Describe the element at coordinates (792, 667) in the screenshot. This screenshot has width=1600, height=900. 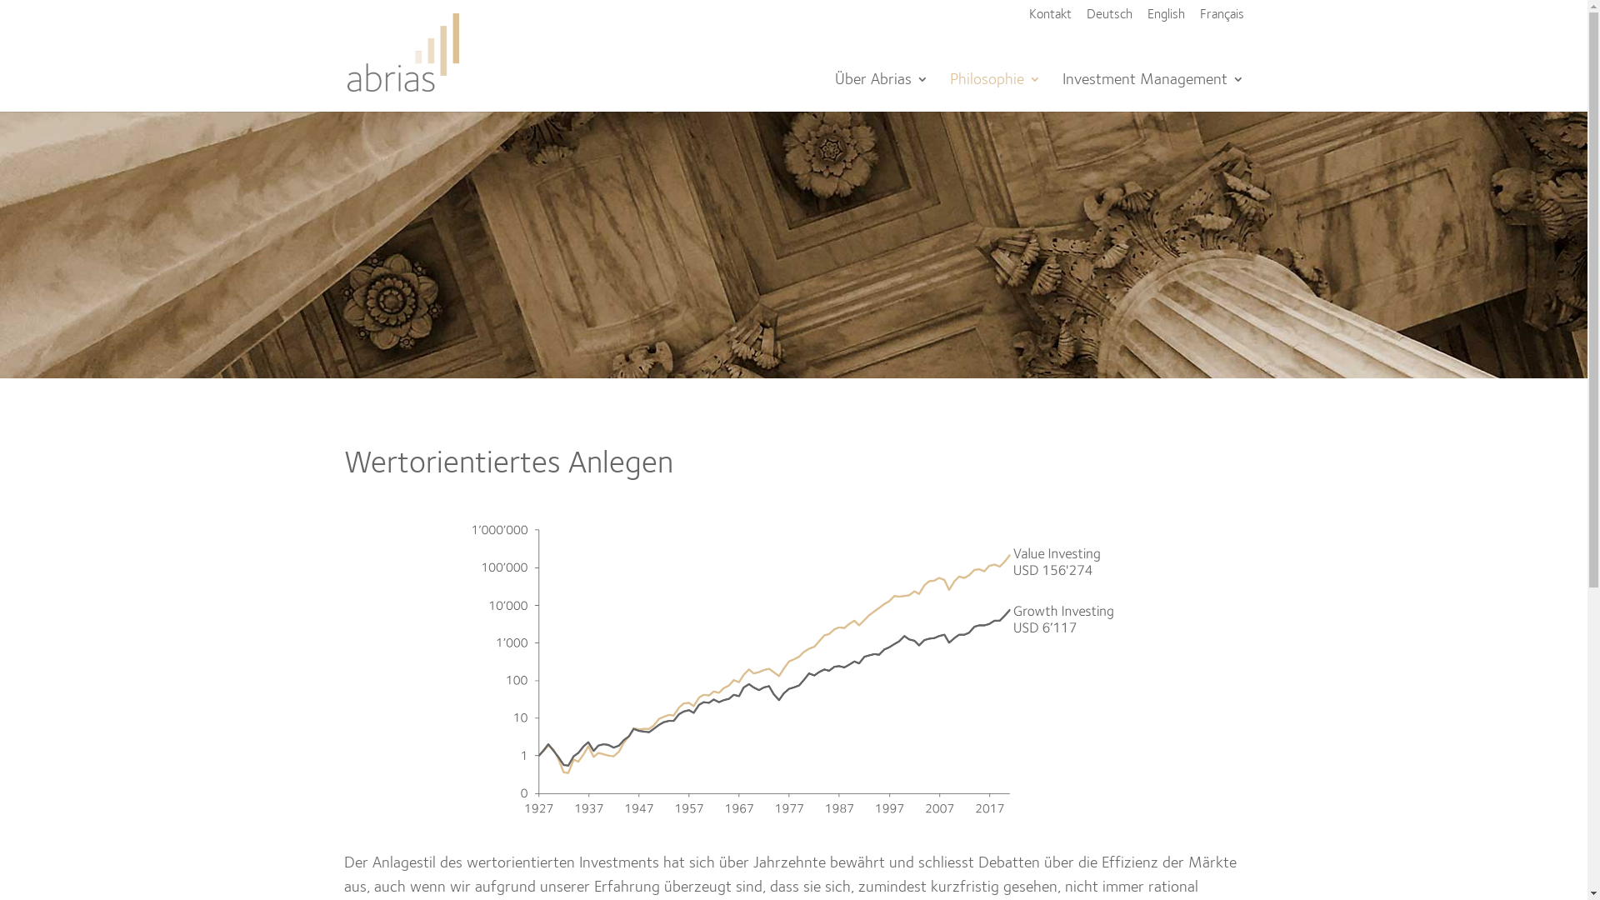
I see `'Value Investing vs. Growth Investing'` at that location.